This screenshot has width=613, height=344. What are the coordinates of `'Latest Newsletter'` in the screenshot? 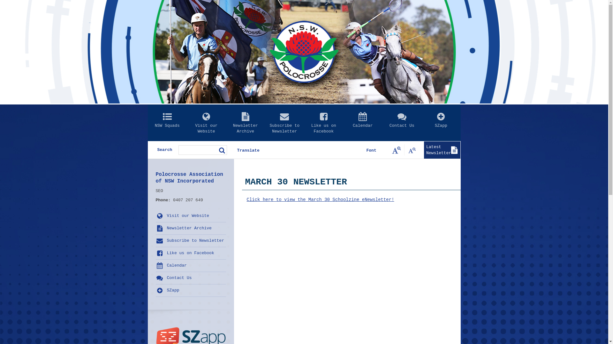 It's located at (442, 150).